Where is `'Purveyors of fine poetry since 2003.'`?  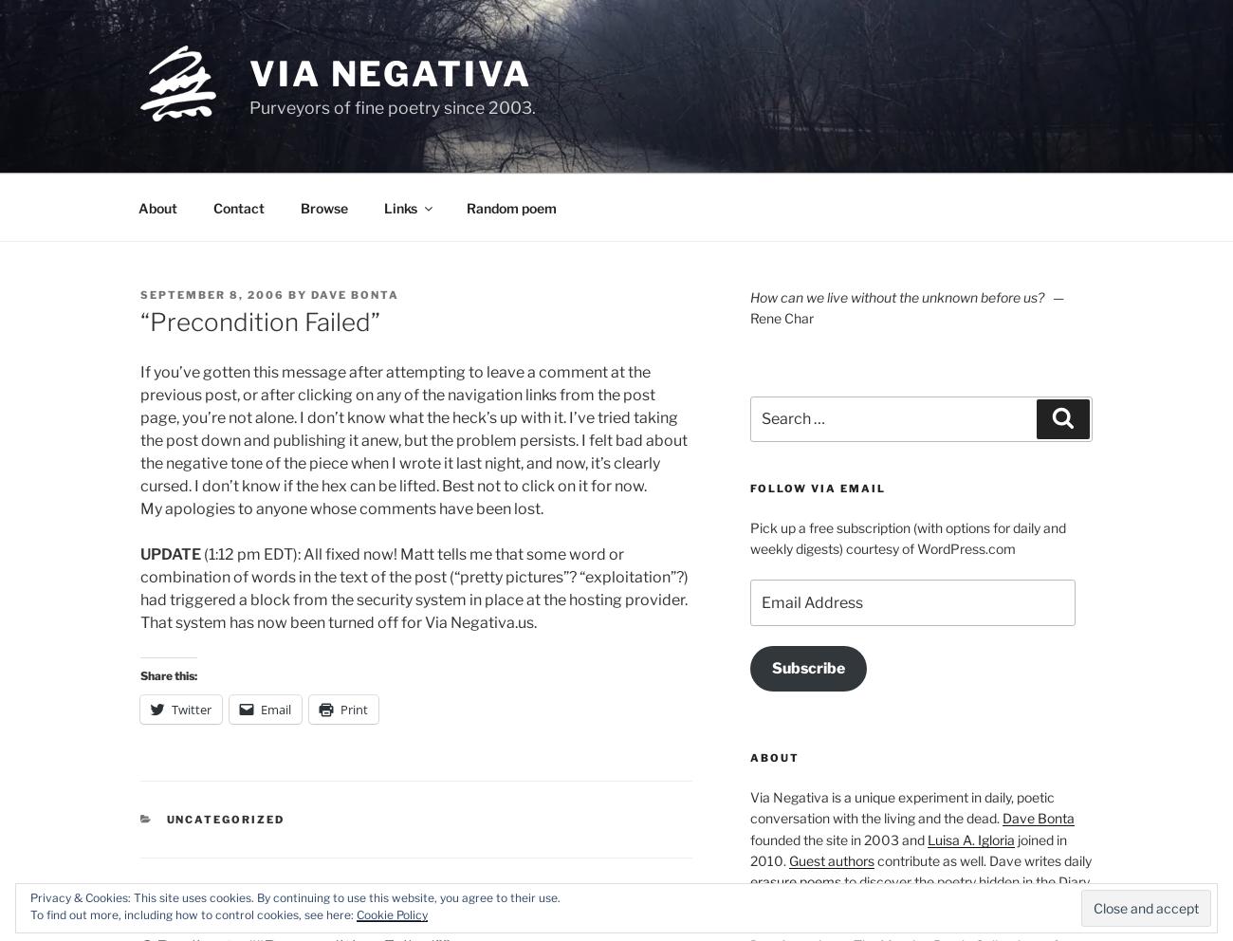
'Purveyors of fine poetry since 2003.' is located at coordinates (248, 105).